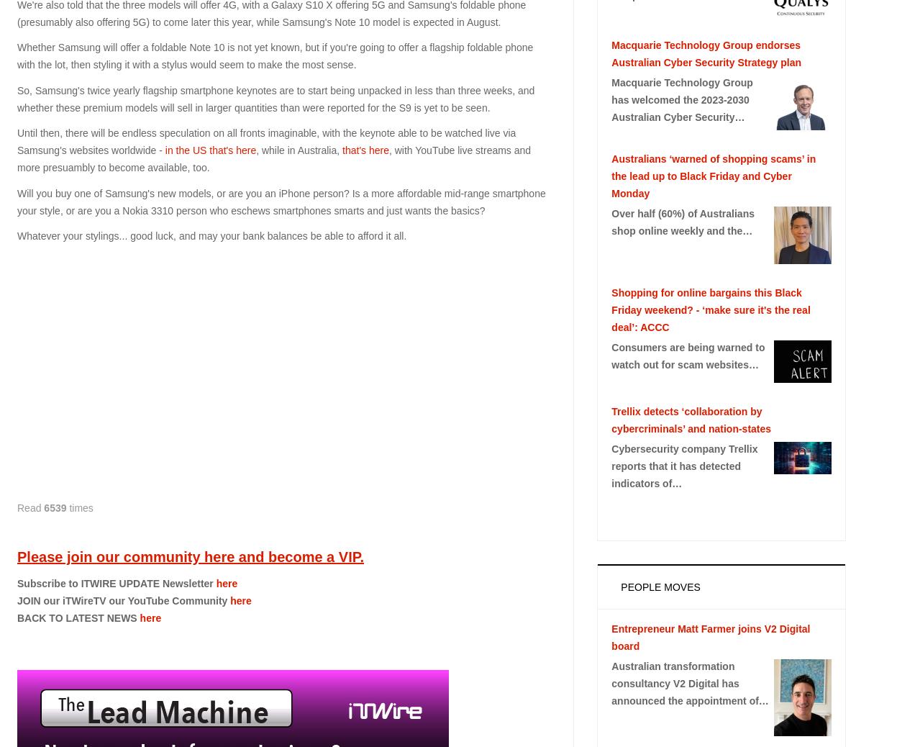  I want to click on ', while in Australia,', so click(299, 149).